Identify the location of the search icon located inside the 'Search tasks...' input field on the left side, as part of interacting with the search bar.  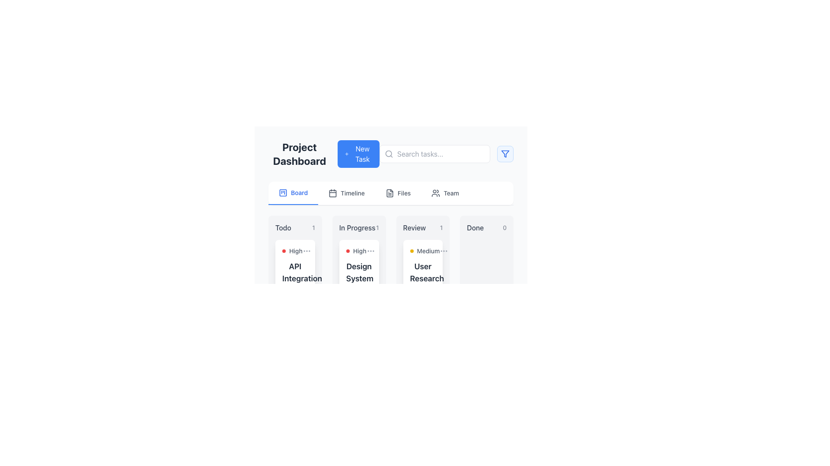
(389, 154).